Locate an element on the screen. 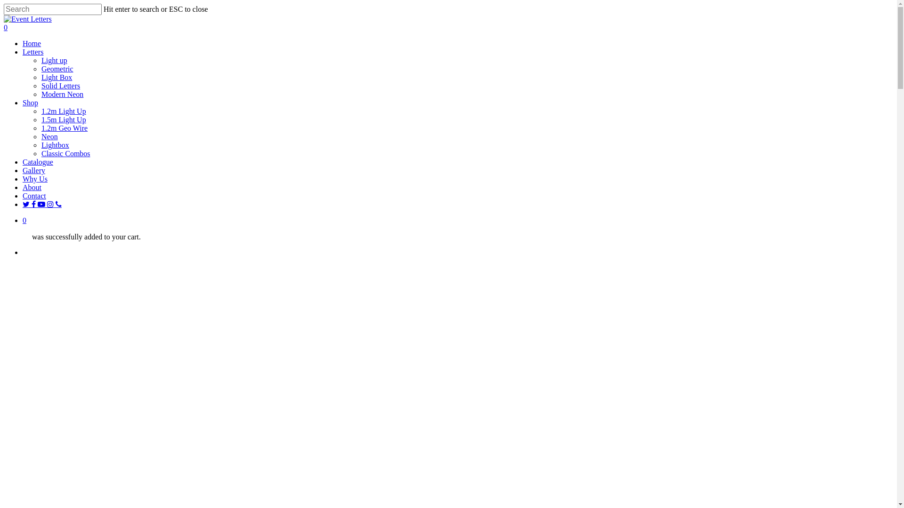 This screenshot has height=508, width=904. 'Light Box' is located at coordinates (56, 77).